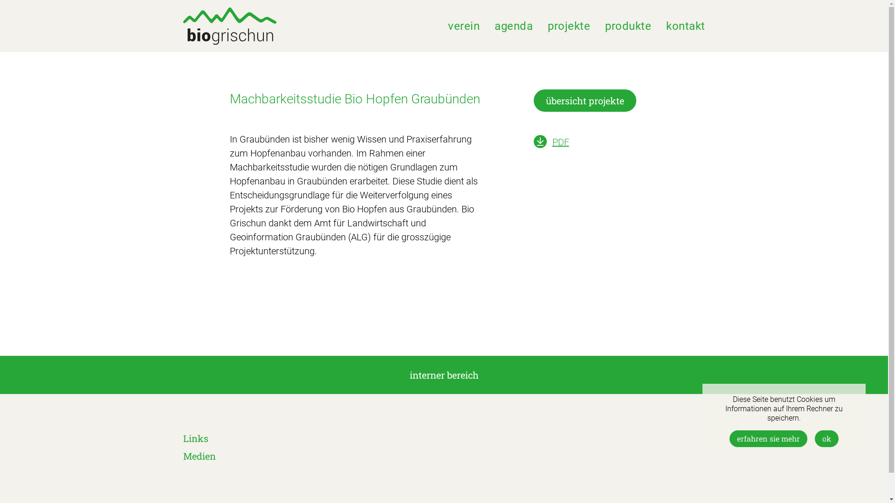 Image resolution: width=895 pixels, height=503 pixels. Describe the element at coordinates (666, 26) in the screenshot. I see `'kontakt'` at that location.